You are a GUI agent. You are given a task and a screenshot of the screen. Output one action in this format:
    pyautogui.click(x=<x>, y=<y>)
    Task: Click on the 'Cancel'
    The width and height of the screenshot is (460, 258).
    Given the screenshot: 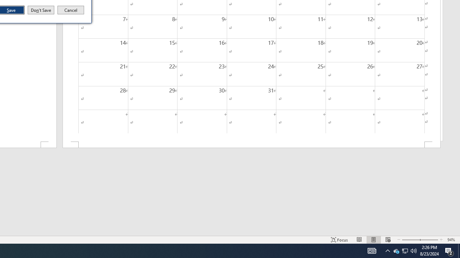 What is the action you would take?
    pyautogui.click(x=71, y=10)
    